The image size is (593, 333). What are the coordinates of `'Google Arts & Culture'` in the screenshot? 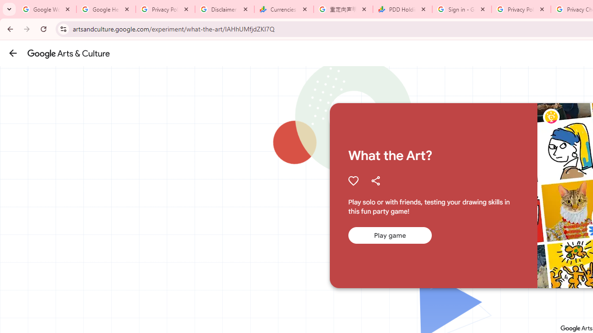 It's located at (68, 53).